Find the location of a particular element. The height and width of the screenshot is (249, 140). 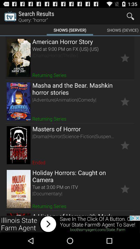

advertisement link is located at coordinates (70, 224).